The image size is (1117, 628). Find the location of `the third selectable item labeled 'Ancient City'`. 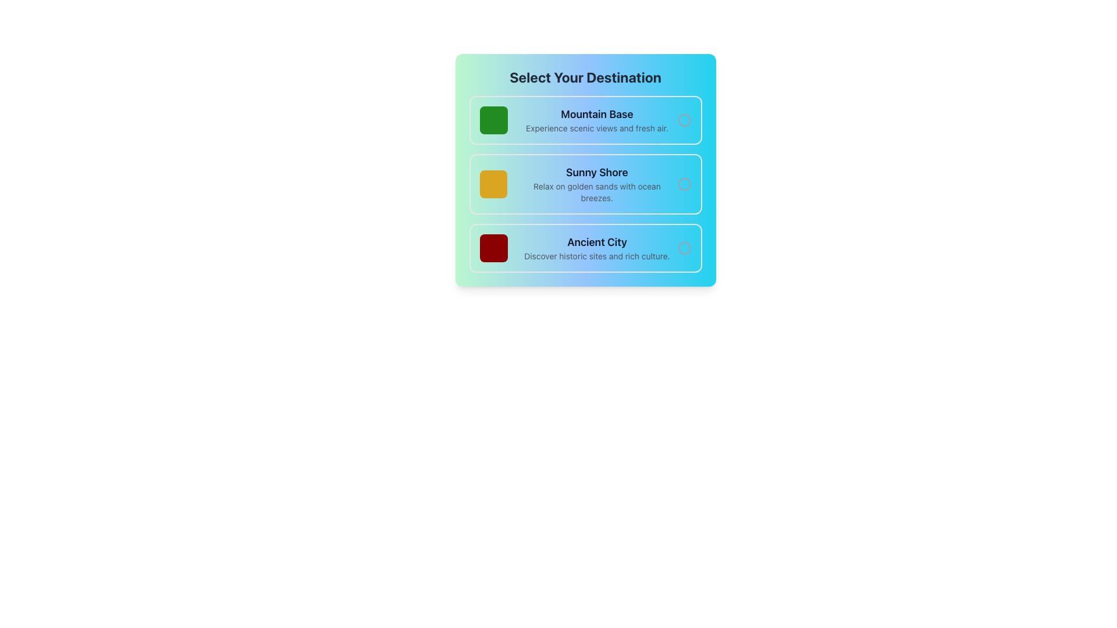

the third selectable item labeled 'Ancient City' is located at coordinates (585, 248).